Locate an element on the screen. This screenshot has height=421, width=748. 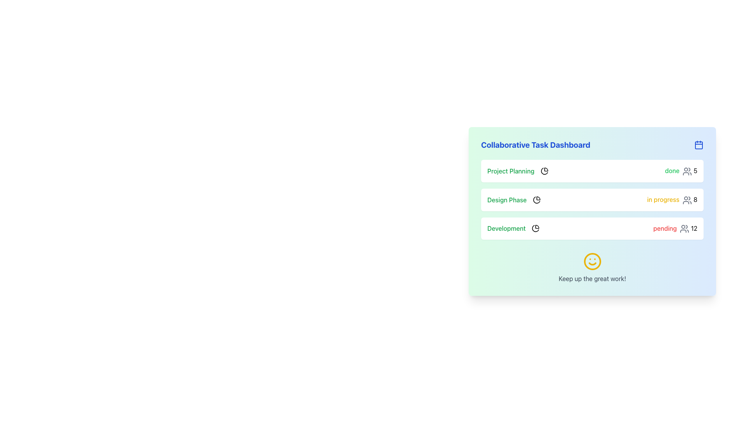
the decorative smiley face and motivational text element located at the bottom of the dashboard, which provides positive reinforcement to the user is located at coordinates (592, 267).